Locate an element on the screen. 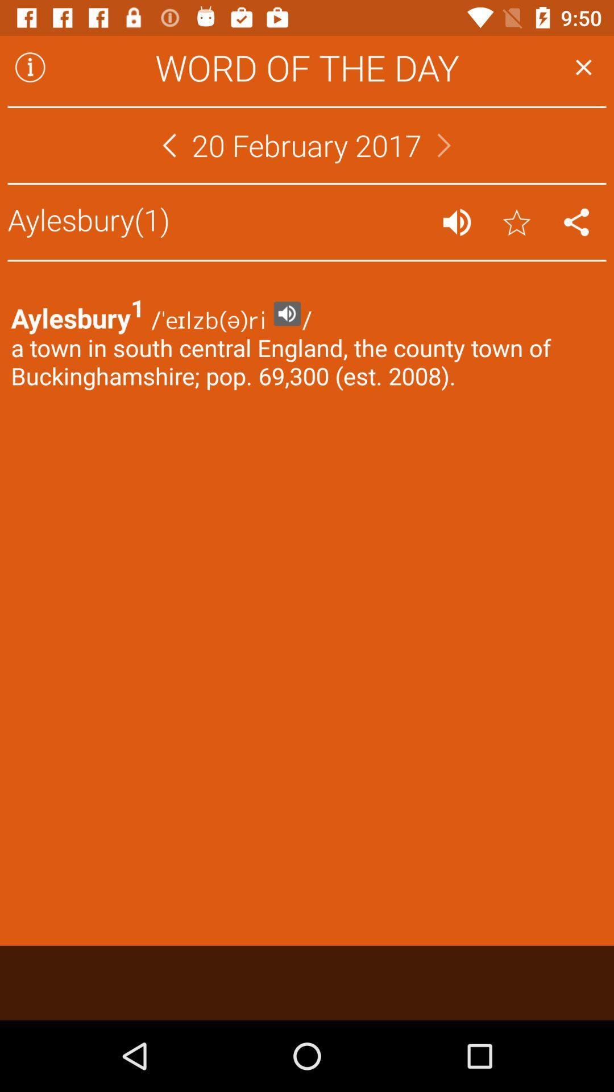 The height and width of the screenshot is (1092, 614). app next to the word of the app is located at coordinates (30, 67).